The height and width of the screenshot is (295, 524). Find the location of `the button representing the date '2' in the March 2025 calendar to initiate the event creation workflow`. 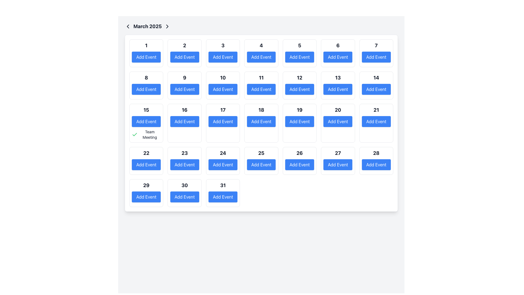

the button representing the date '2' in the March 2025 calendar to initiate the event creation workflow is located at coordinates (184, 57).